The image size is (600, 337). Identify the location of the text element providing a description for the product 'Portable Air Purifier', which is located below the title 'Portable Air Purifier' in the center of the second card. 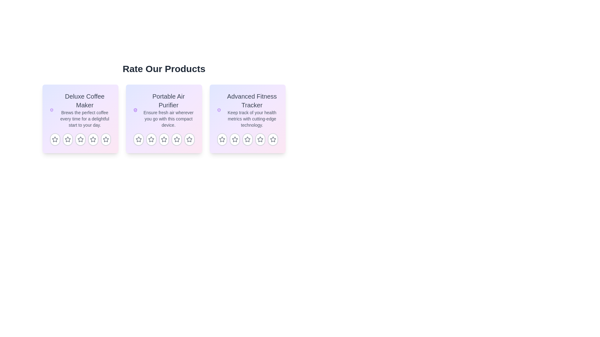
(168, 119).